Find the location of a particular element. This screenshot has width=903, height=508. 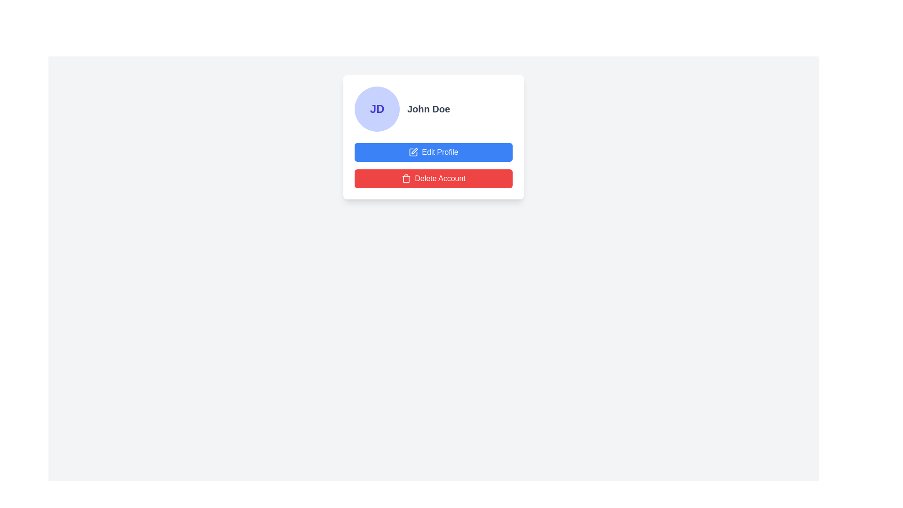

the Profile header component that displays the user's initials in a circular avatar and their name beside it, located at the top of the vertically stacked layout is located at coordinates (433, 108).